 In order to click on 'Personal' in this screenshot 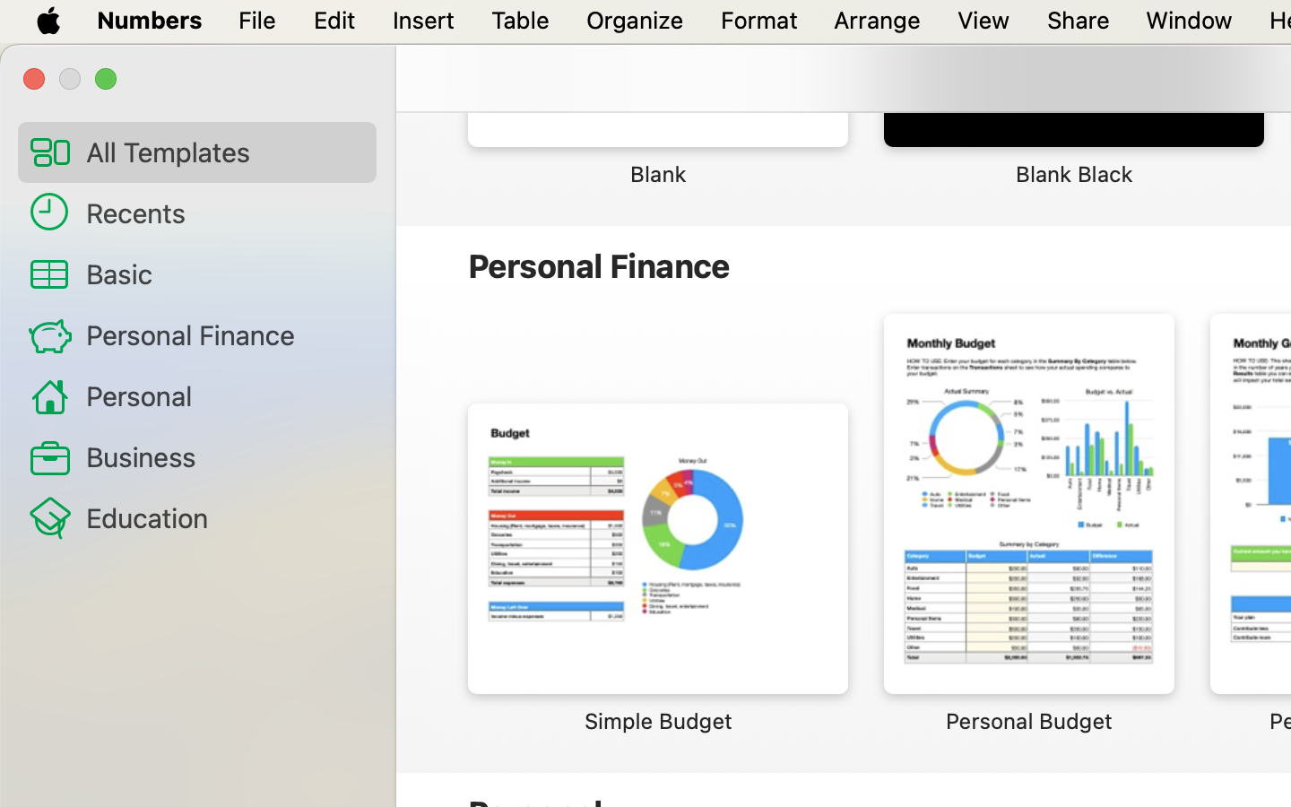, I will do `click(222, 395)`.